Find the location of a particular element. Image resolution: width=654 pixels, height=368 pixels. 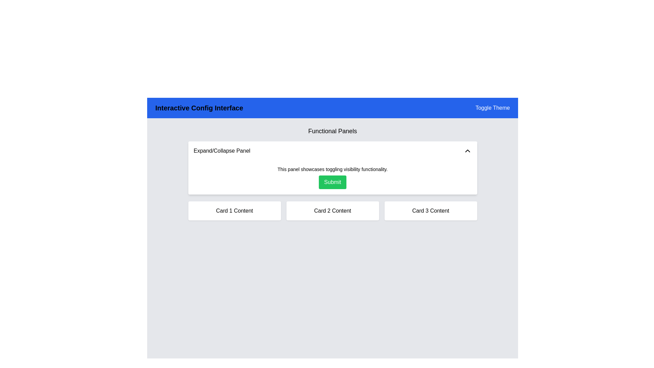

descriptive text from the 'Functional Panels' panel, which includes a collapsible section labeled 'Expand/Collapse Panel' and a green button labeled 'Submit' is located at coordinates (332, 173).